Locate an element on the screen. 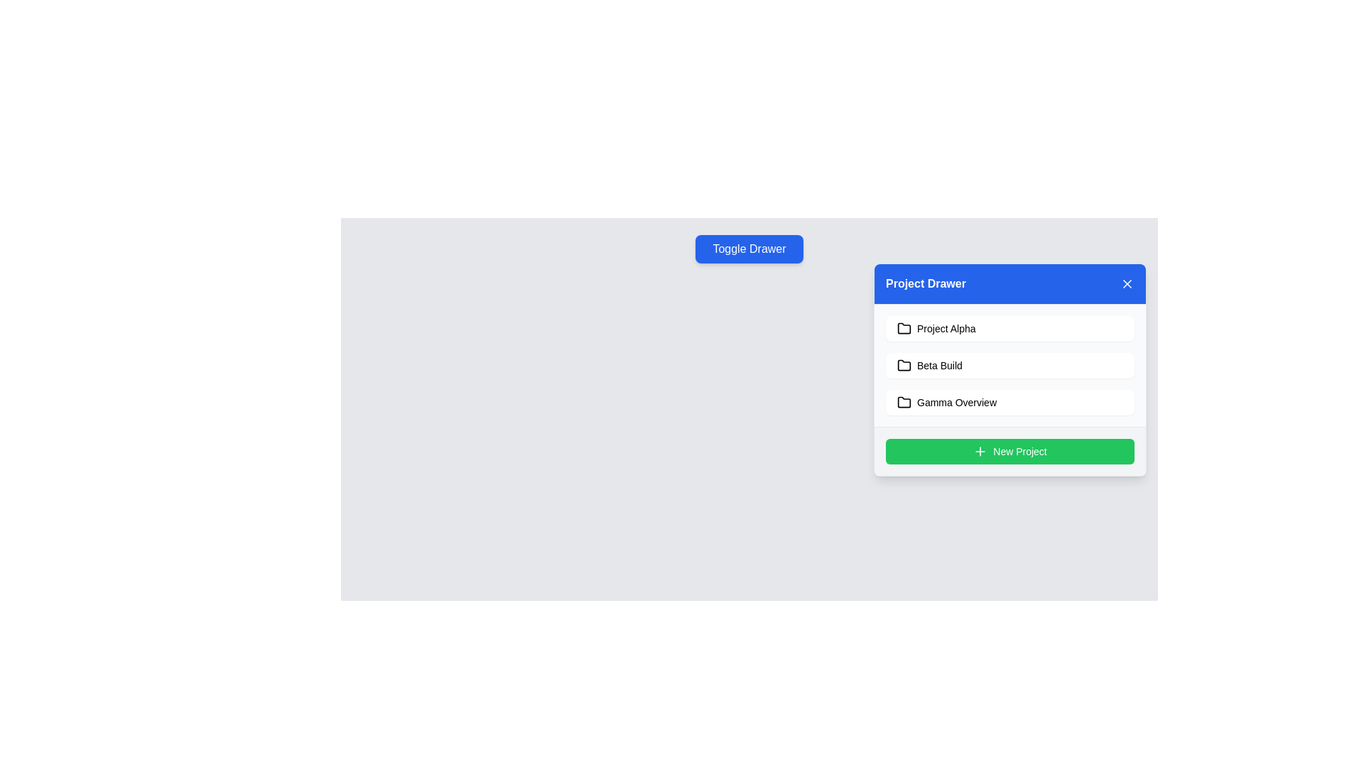 Image resolution: width=1364 pixels, height=767 pixels. the button located at the bottom of the 'Project Drawer' to initiate the creation of a new project is located at coordinates (1009, 451).